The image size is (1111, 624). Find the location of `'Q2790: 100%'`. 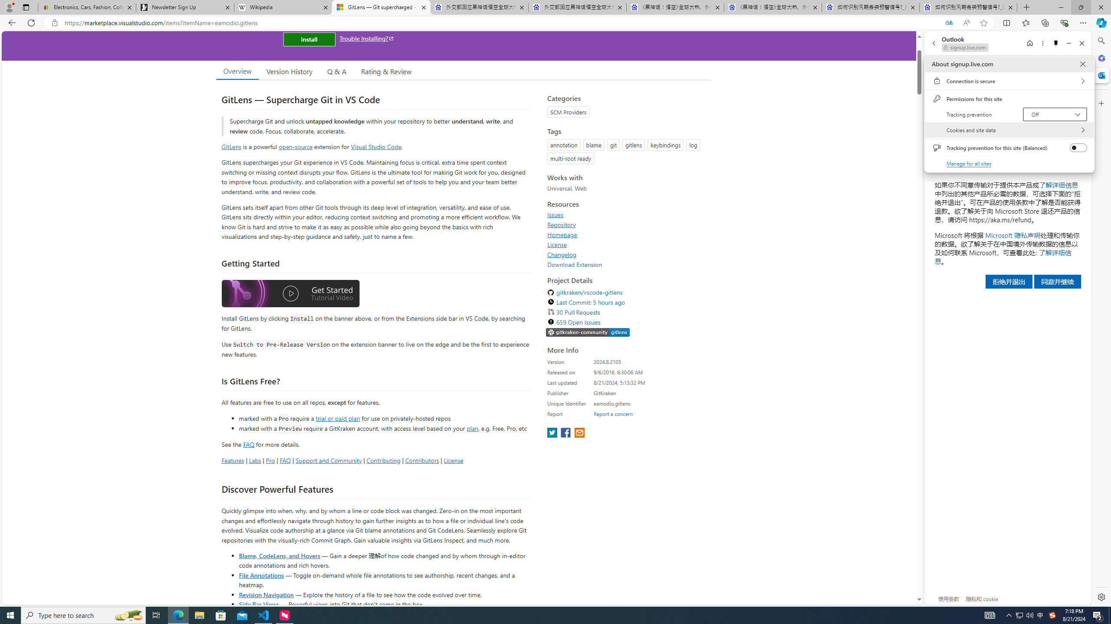

'Q2790: 100%' is located at coordinates (1029, 614).